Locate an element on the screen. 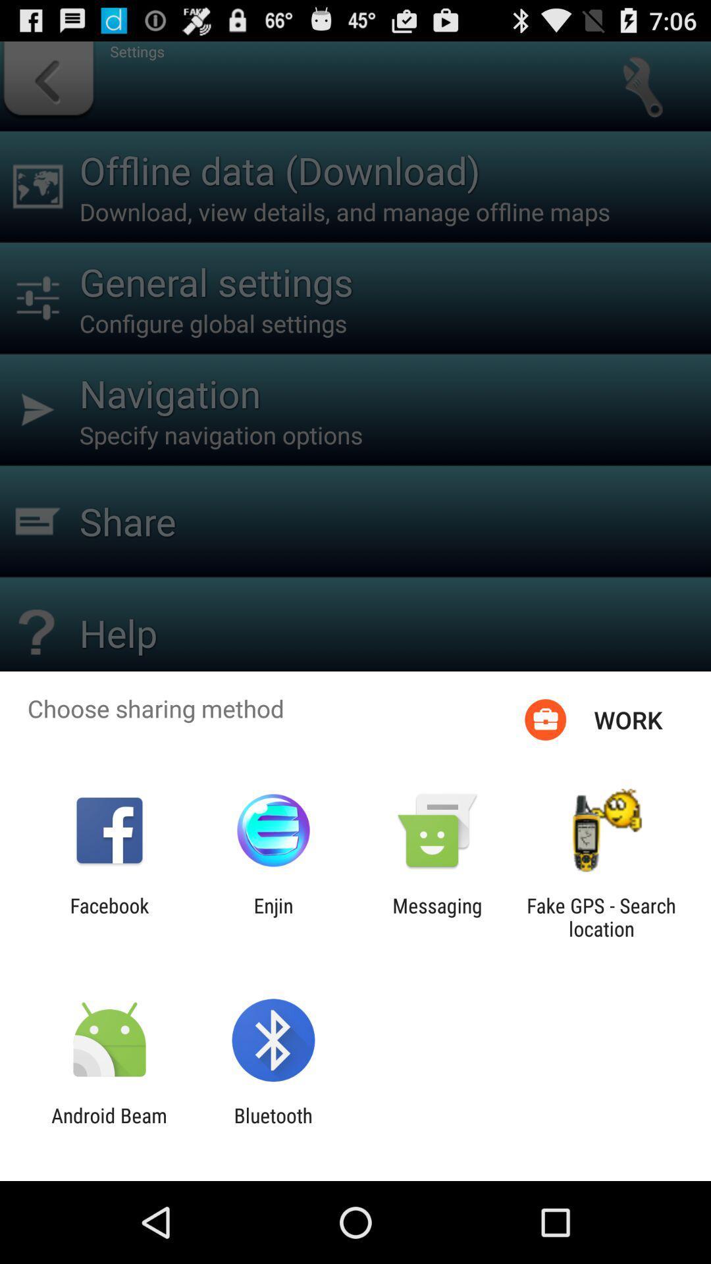 The width and height of the screenshot is (711, 1264). the app next to the fake gps search icon is located at coordinates (437, 916).